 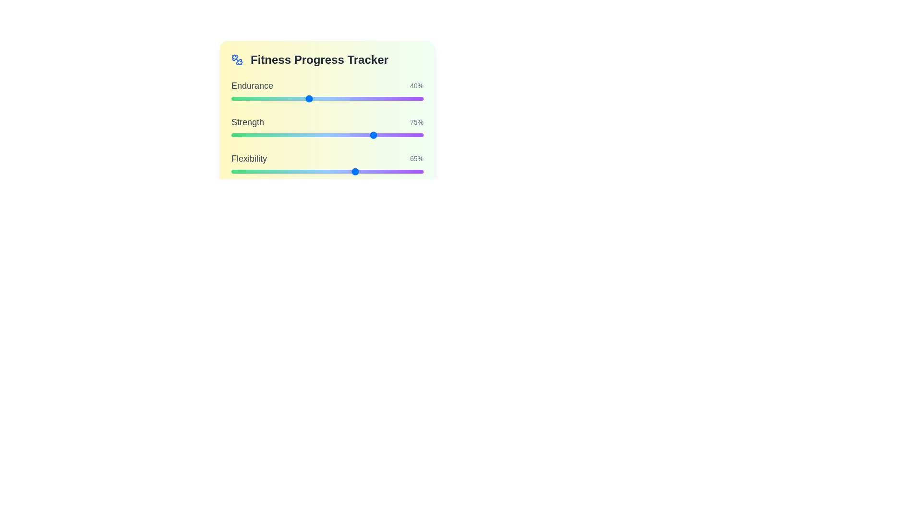 I want to click on flexibility value, so click(x=235, y=171).